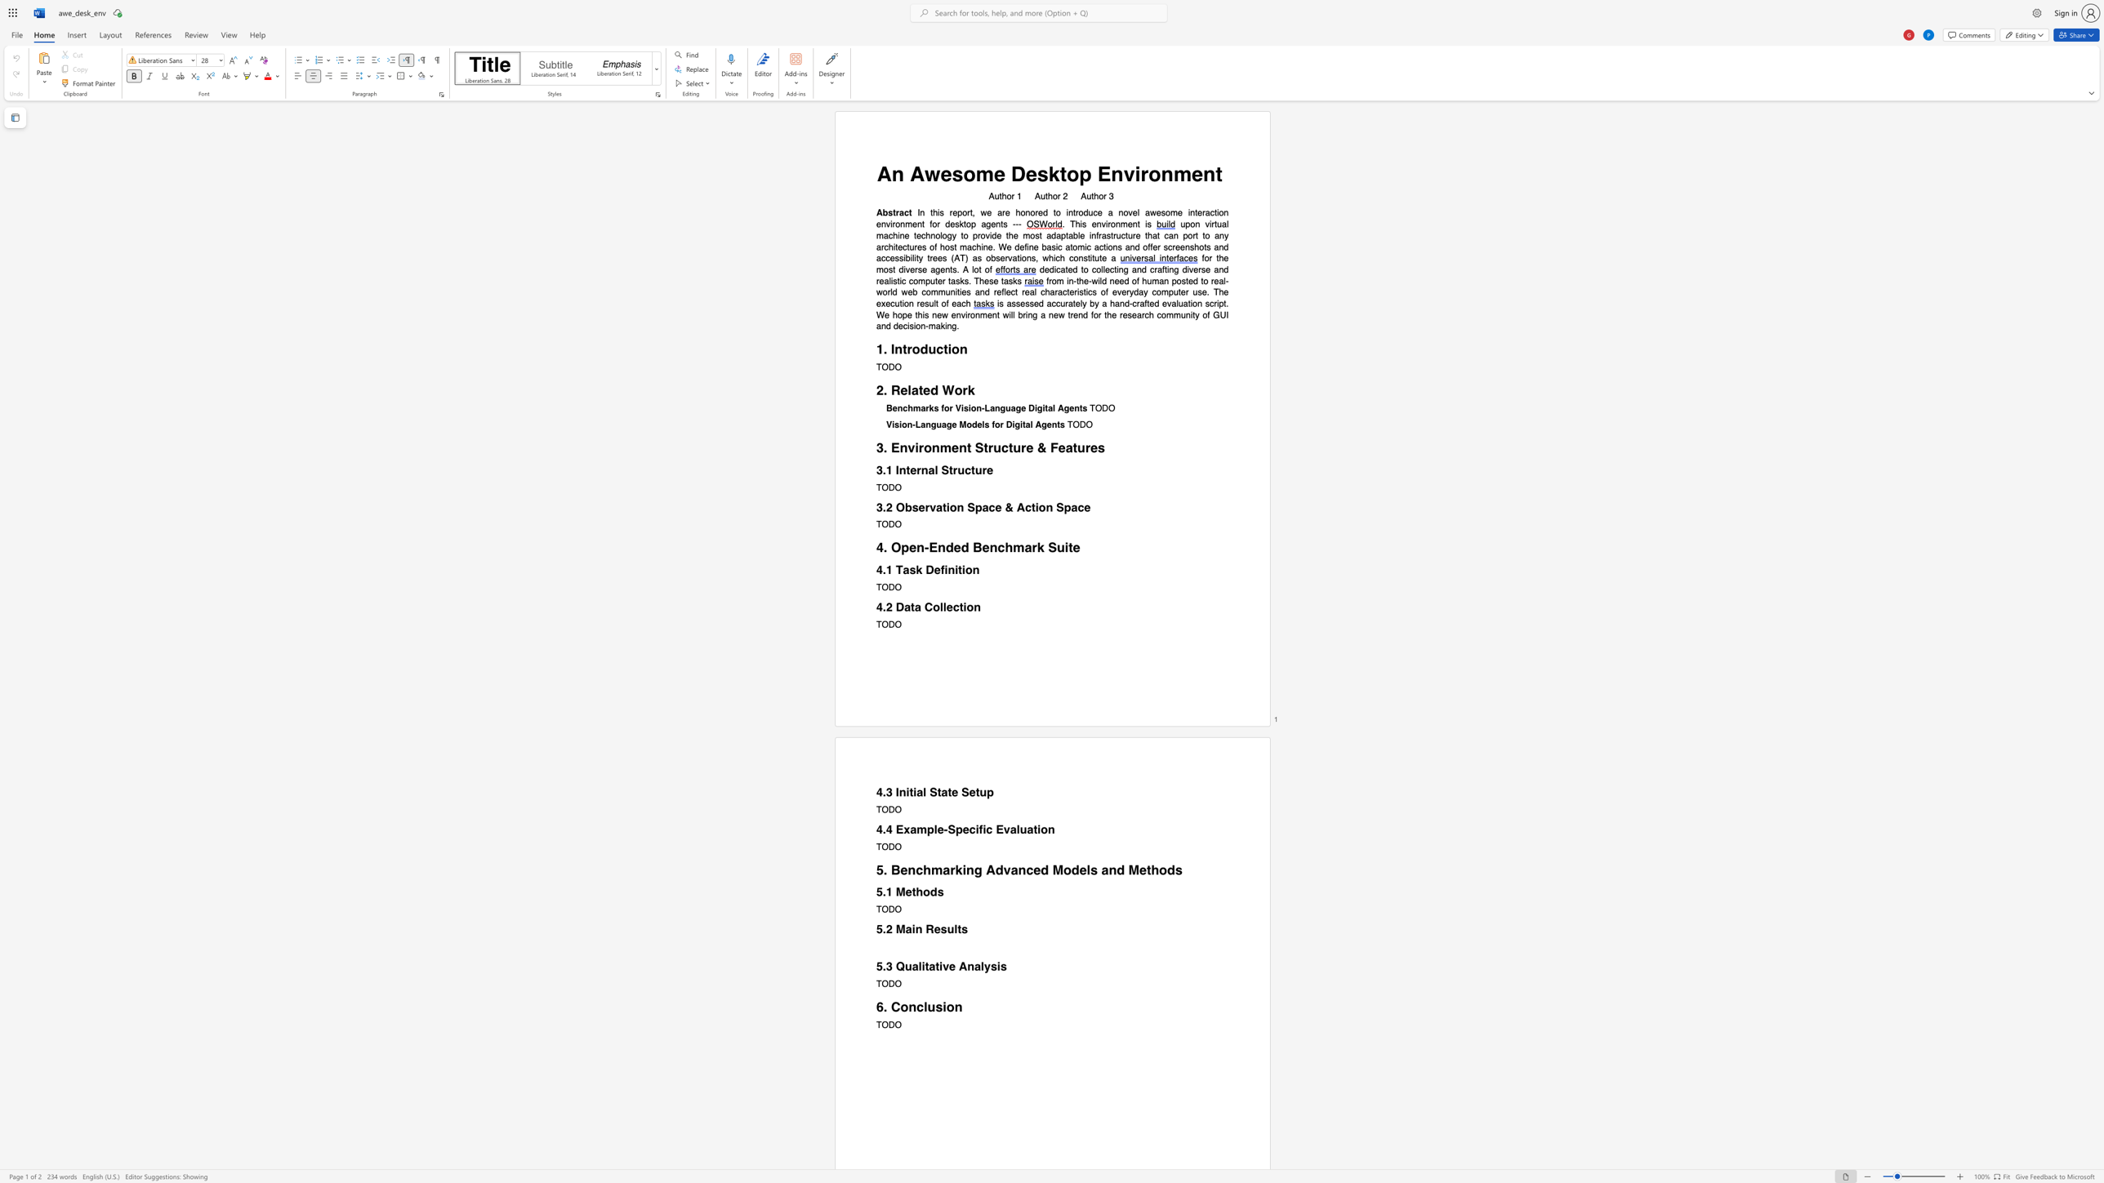  Describe the element at coordinates (970, 791) in the screenshot. I see `the subset text "etup" within the text "4.3 Initial State Setup"` at that location.